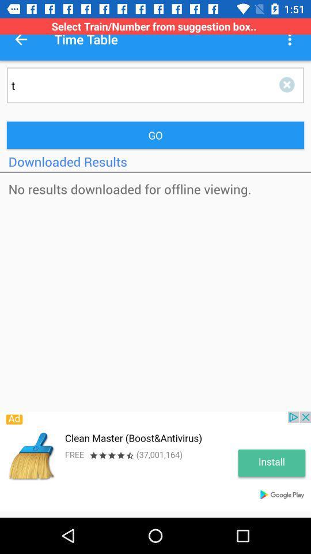  What do you see at coordinates (289, 84) in the screenshot?
I see `clear field` at bounding box center [289, 84].